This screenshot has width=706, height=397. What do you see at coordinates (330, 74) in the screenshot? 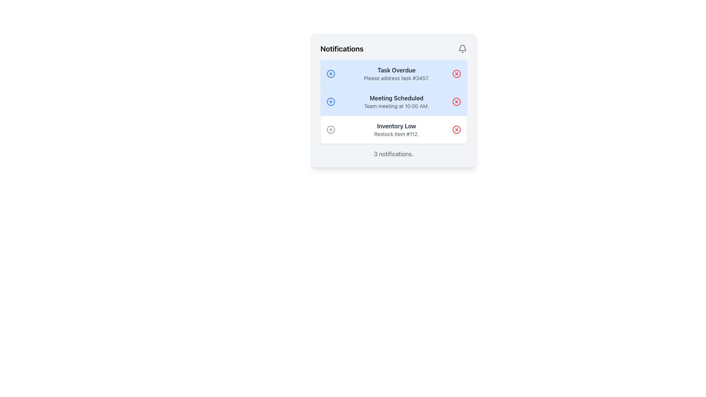
I see `the circular icon button with a blue outline and a blue plus sign, located to the left of the 'Task Overdue' notification` at bounding box center [330, 74].